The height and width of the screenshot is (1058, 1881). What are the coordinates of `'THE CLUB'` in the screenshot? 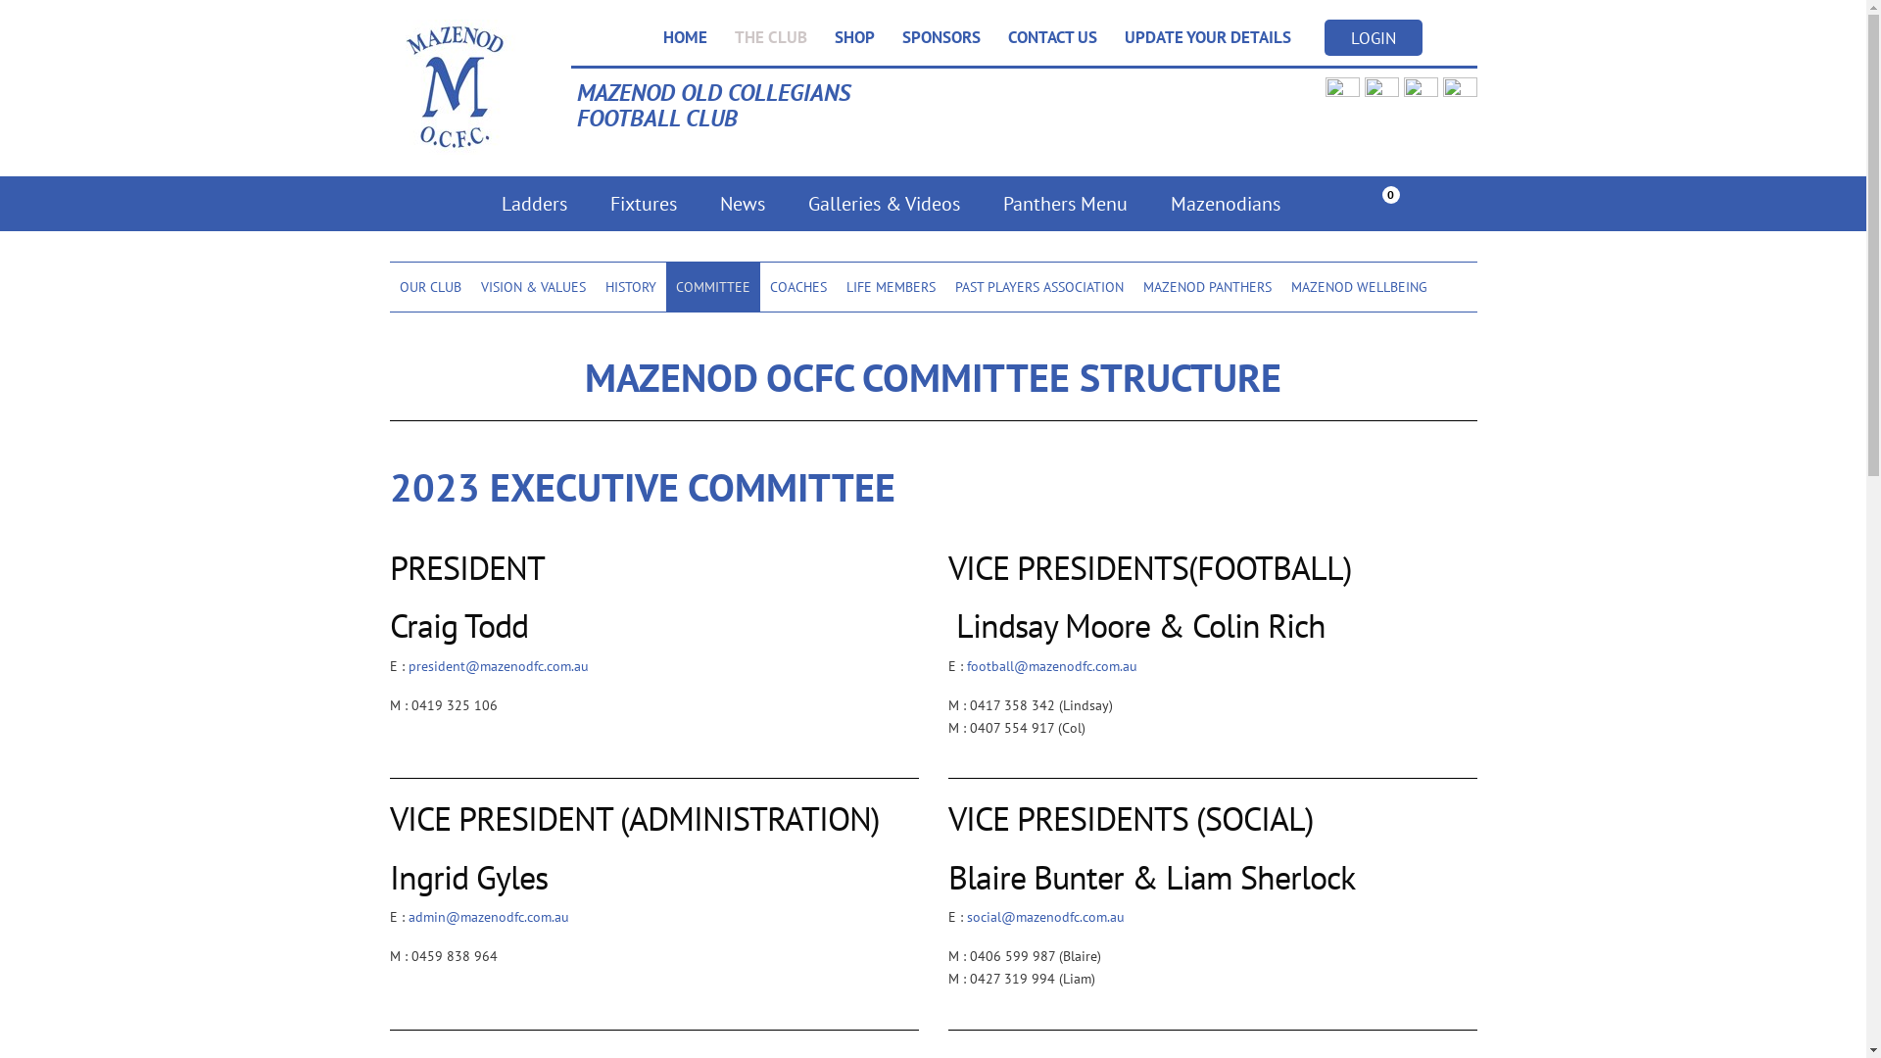 It's located at (770, 37).